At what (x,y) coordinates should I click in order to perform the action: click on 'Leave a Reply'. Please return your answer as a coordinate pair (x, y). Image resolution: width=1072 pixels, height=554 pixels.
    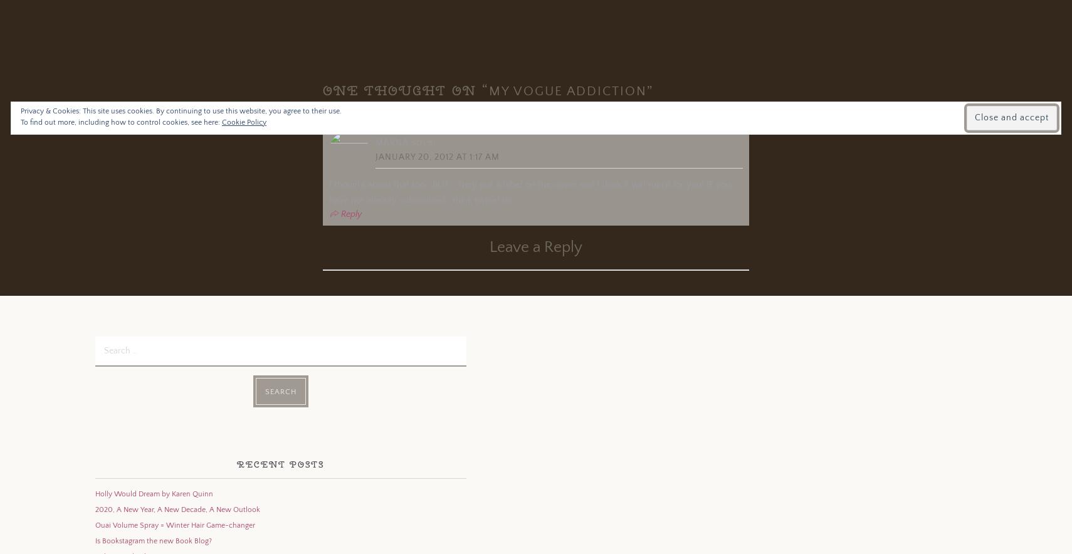
    Looking at the image, I should click on (536, 247).